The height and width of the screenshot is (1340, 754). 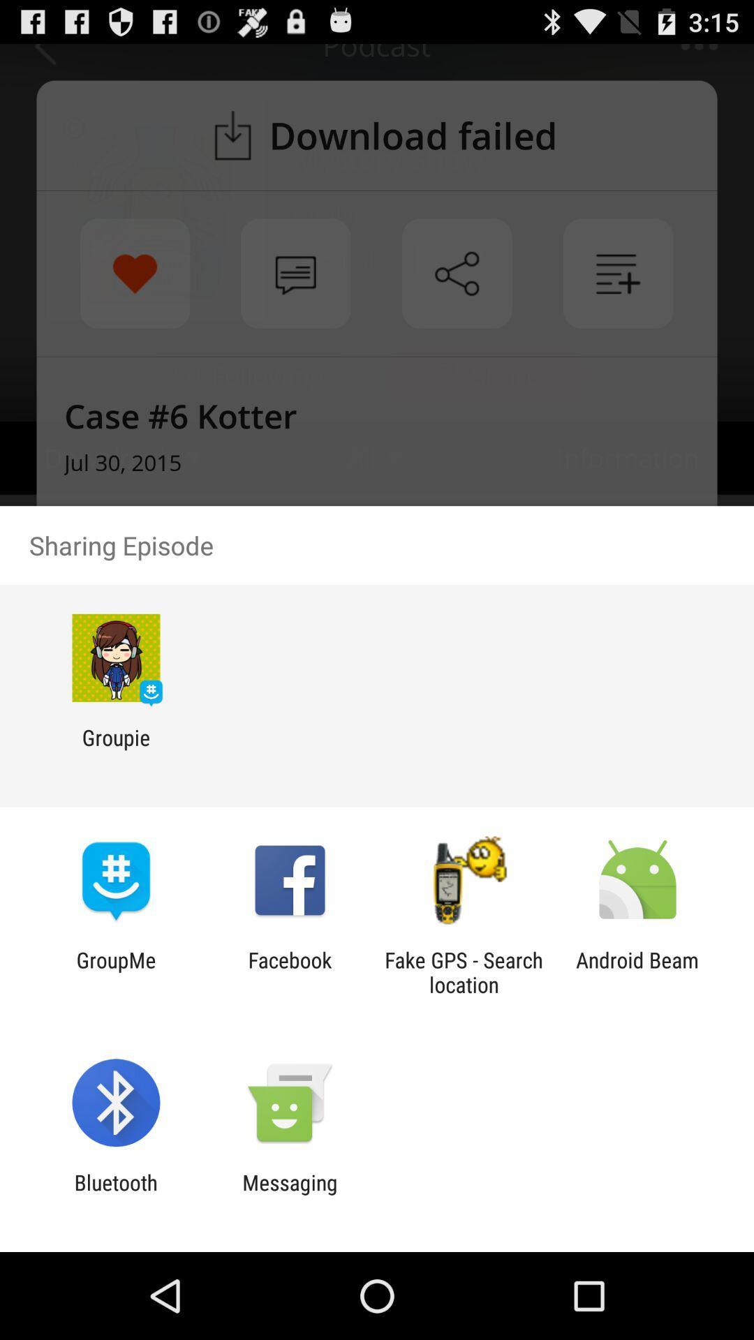 I want to click on item next to the facebook, so click(x=464, y=971).